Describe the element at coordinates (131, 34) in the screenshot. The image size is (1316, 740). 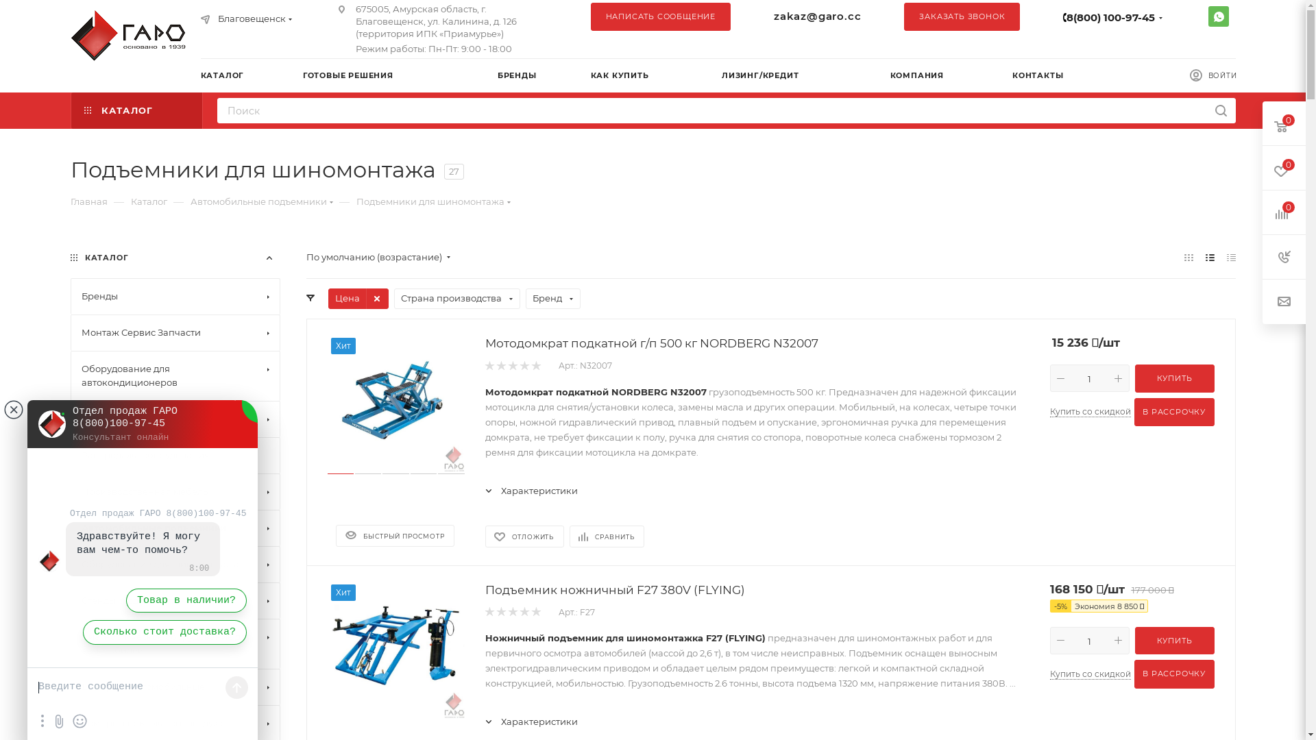
I see `'garo.cc'` at that location.